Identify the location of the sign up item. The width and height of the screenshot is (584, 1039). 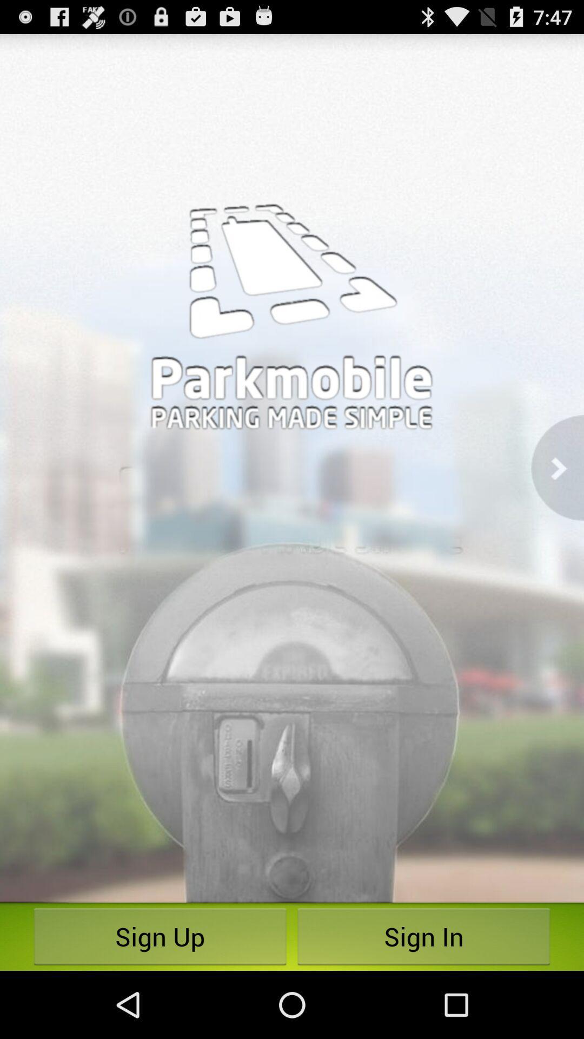
(160, 936).